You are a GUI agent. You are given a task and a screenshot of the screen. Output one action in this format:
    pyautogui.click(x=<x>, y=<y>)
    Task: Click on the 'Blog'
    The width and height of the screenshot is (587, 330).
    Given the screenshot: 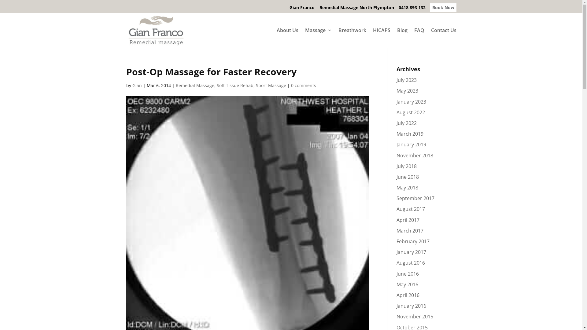 What is the action you would take?
    pyautogui.click(x=402, y=38)
    